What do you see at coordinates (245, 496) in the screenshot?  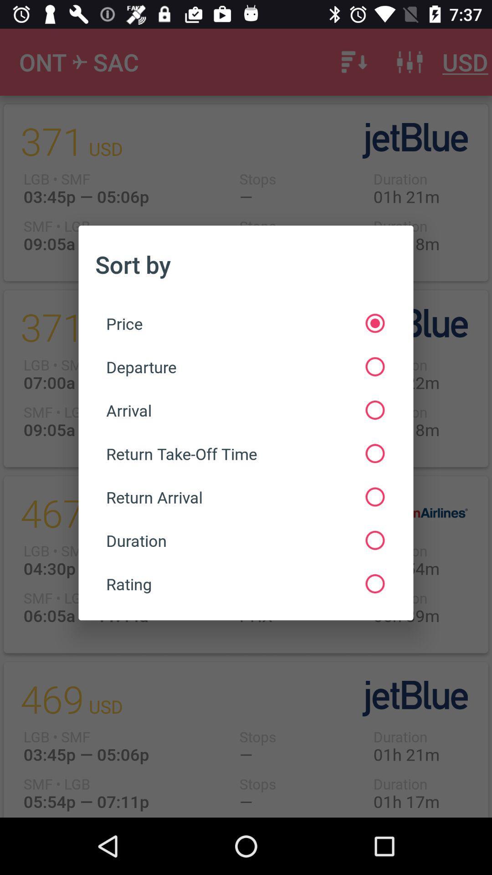 I see `the return arrival` at bounding box center [245, 496].